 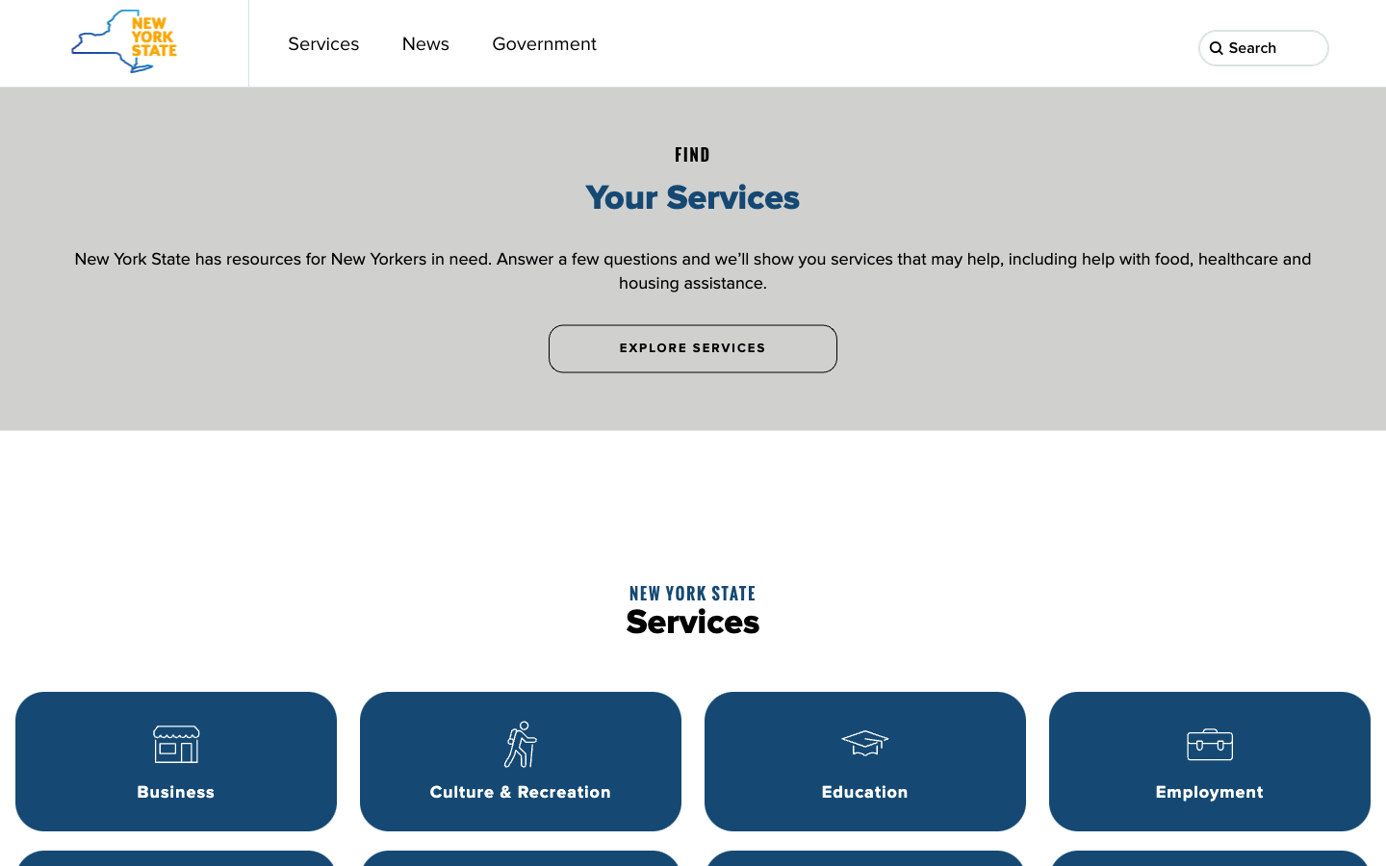 I want to click on Locate the term "bank" using the search function, so click(x=1311, y=48).